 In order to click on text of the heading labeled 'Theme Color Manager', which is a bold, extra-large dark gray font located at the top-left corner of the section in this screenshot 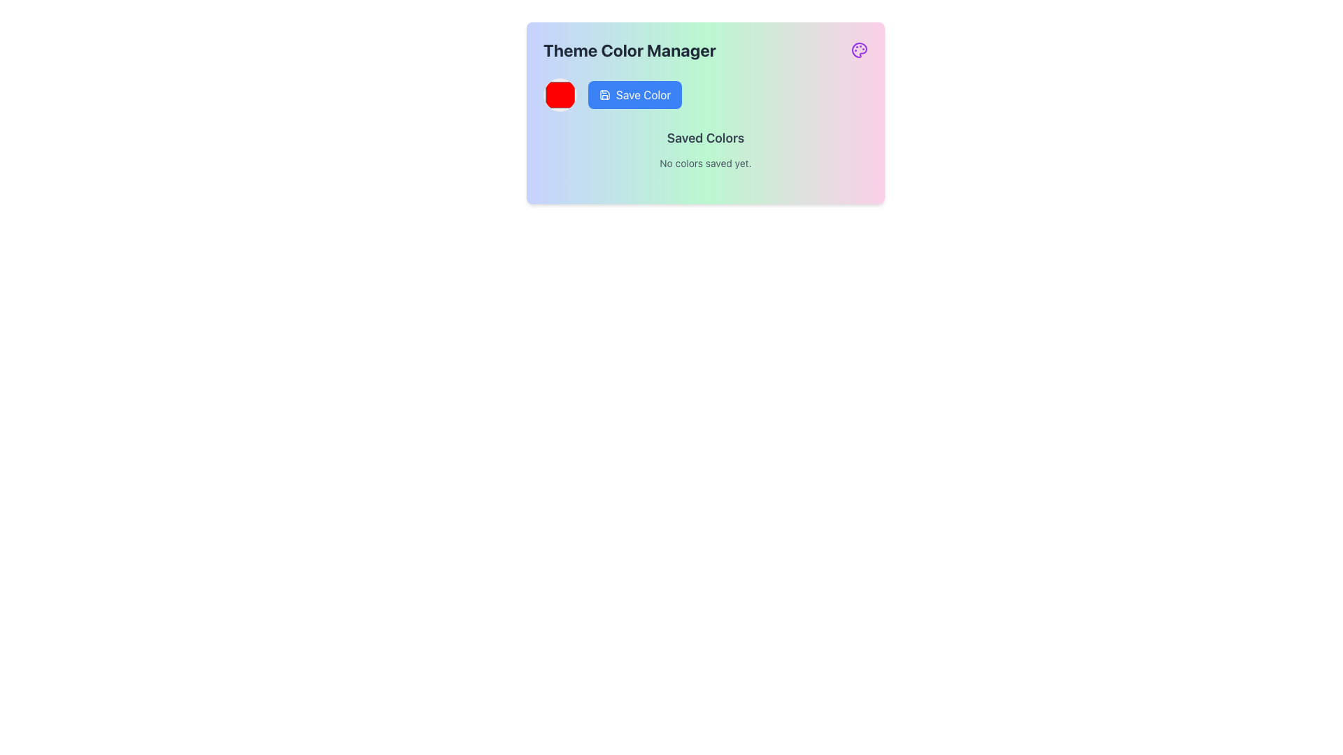, I will do `click(629, 50)`.